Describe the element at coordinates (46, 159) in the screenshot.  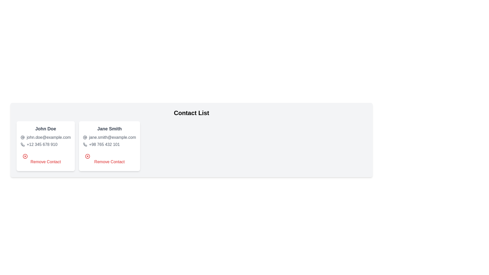
I see `the 'Remove Contact' button for the contact with name John Doe` at that location.